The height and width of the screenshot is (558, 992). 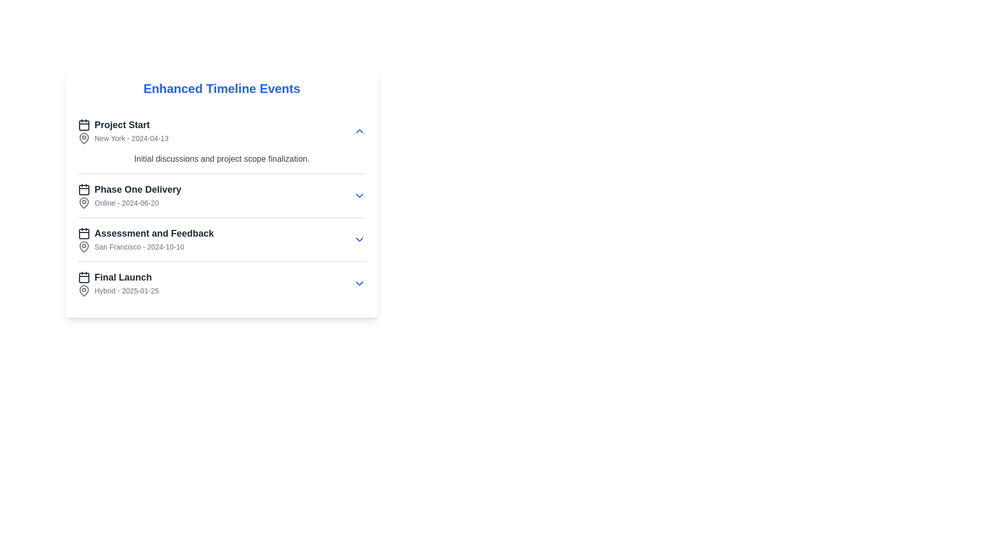 I want to click on the decorative icon representing the 'Final Launch' event in the timeline, located near the text 'Hybrid - 2025-01-25', so click(x=84, y=290).